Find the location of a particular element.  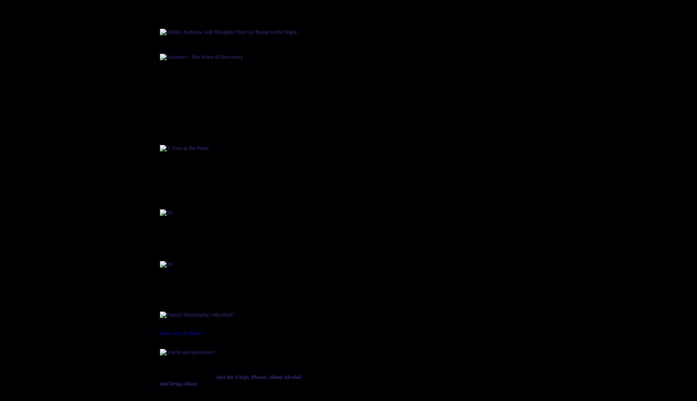

'Click on the covers for direct links to publishers.  Great deals, all!' is located at coordinates (227, 292).